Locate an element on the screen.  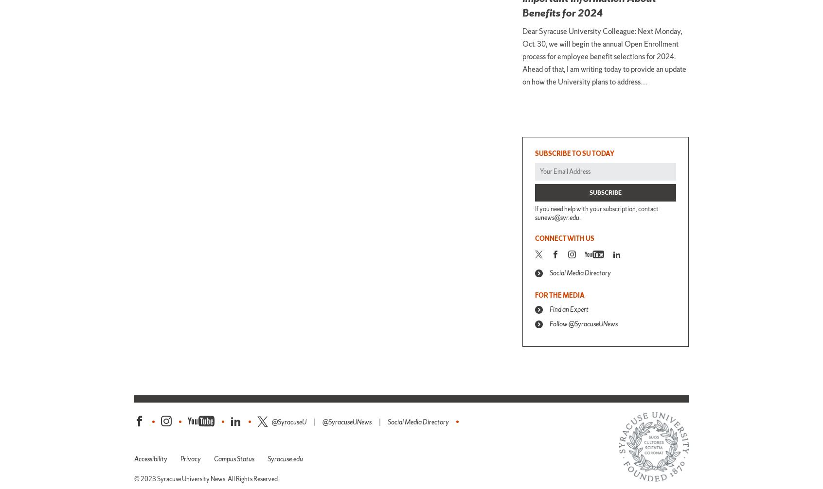
'Facebook' is located at coordinates (158, 421).